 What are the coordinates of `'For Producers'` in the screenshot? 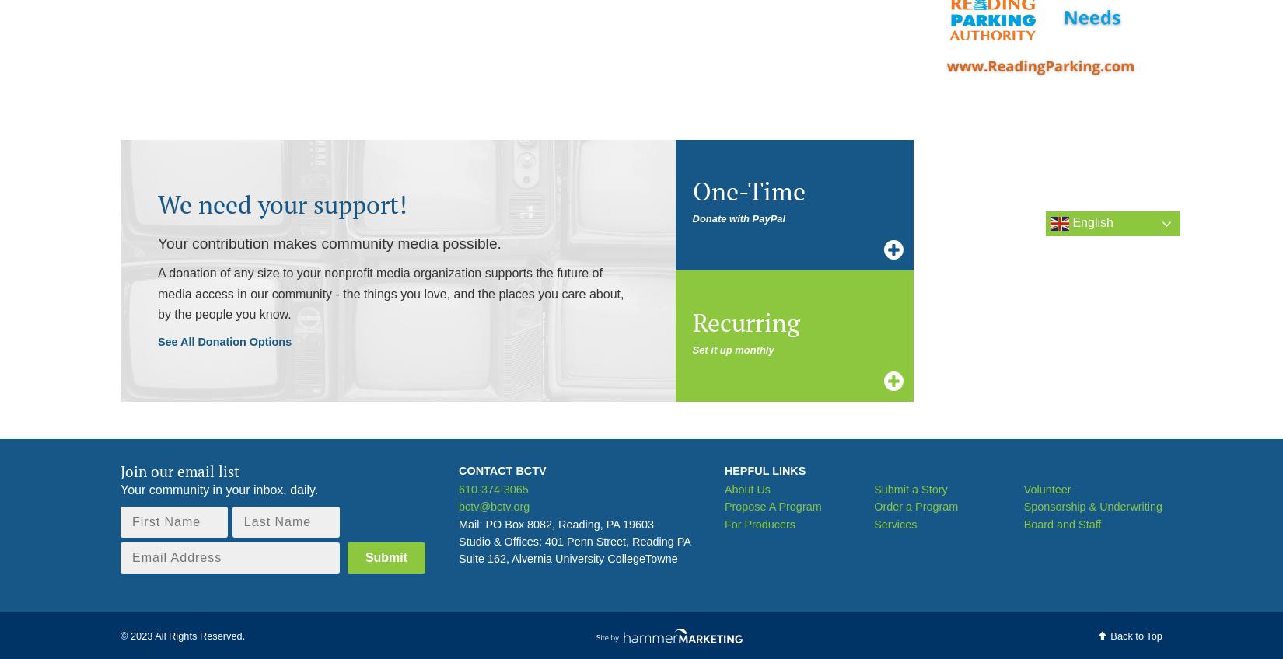 It's located at (723, 522).